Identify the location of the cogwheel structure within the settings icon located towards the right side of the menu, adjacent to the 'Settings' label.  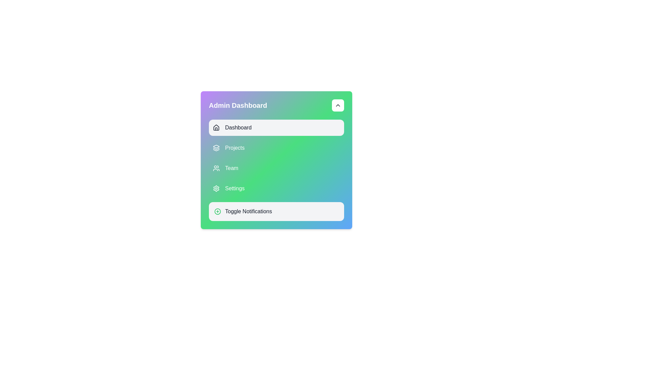
(216, 189).